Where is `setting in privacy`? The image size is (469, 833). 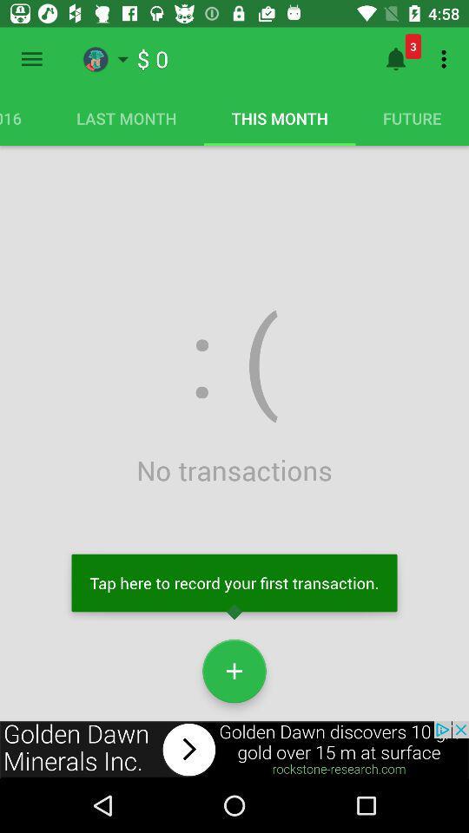
setting in privacy is located at coordinates (31, 59).